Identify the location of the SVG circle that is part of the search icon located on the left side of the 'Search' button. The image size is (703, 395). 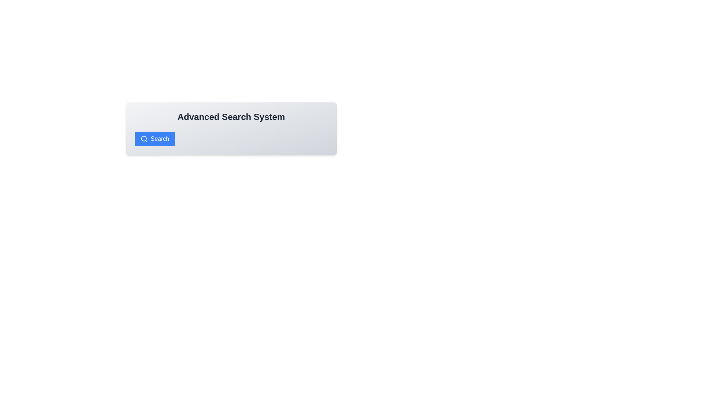
(144, 139).